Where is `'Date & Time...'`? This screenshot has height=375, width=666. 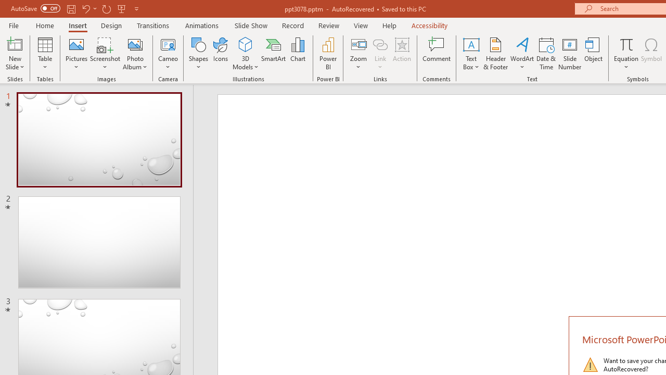 'Date & Time...' is located at coordinates (546, 54).